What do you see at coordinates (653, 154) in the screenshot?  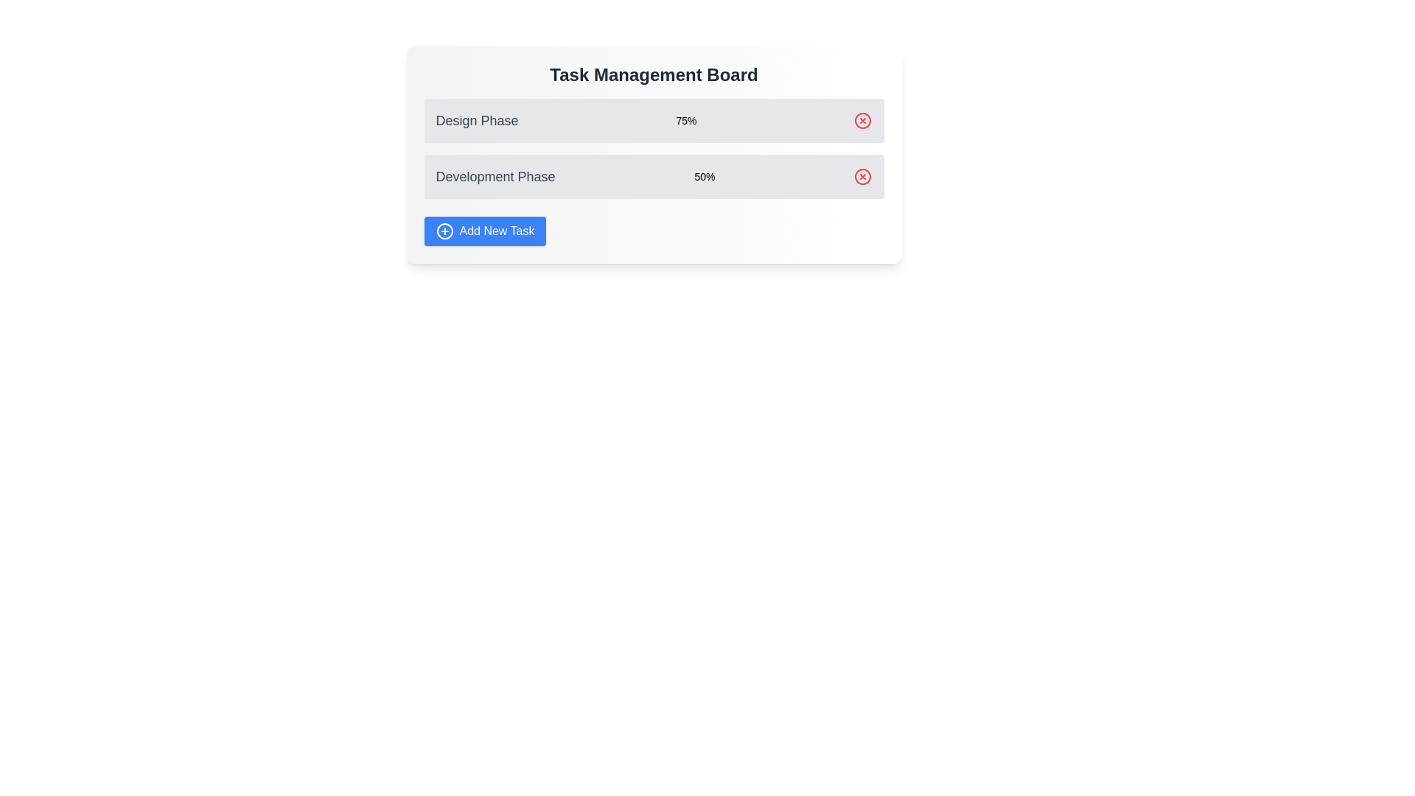 I see `the progress percentages (75% and 50%) in the Task Management Board section` at bounding box center [653, 154].